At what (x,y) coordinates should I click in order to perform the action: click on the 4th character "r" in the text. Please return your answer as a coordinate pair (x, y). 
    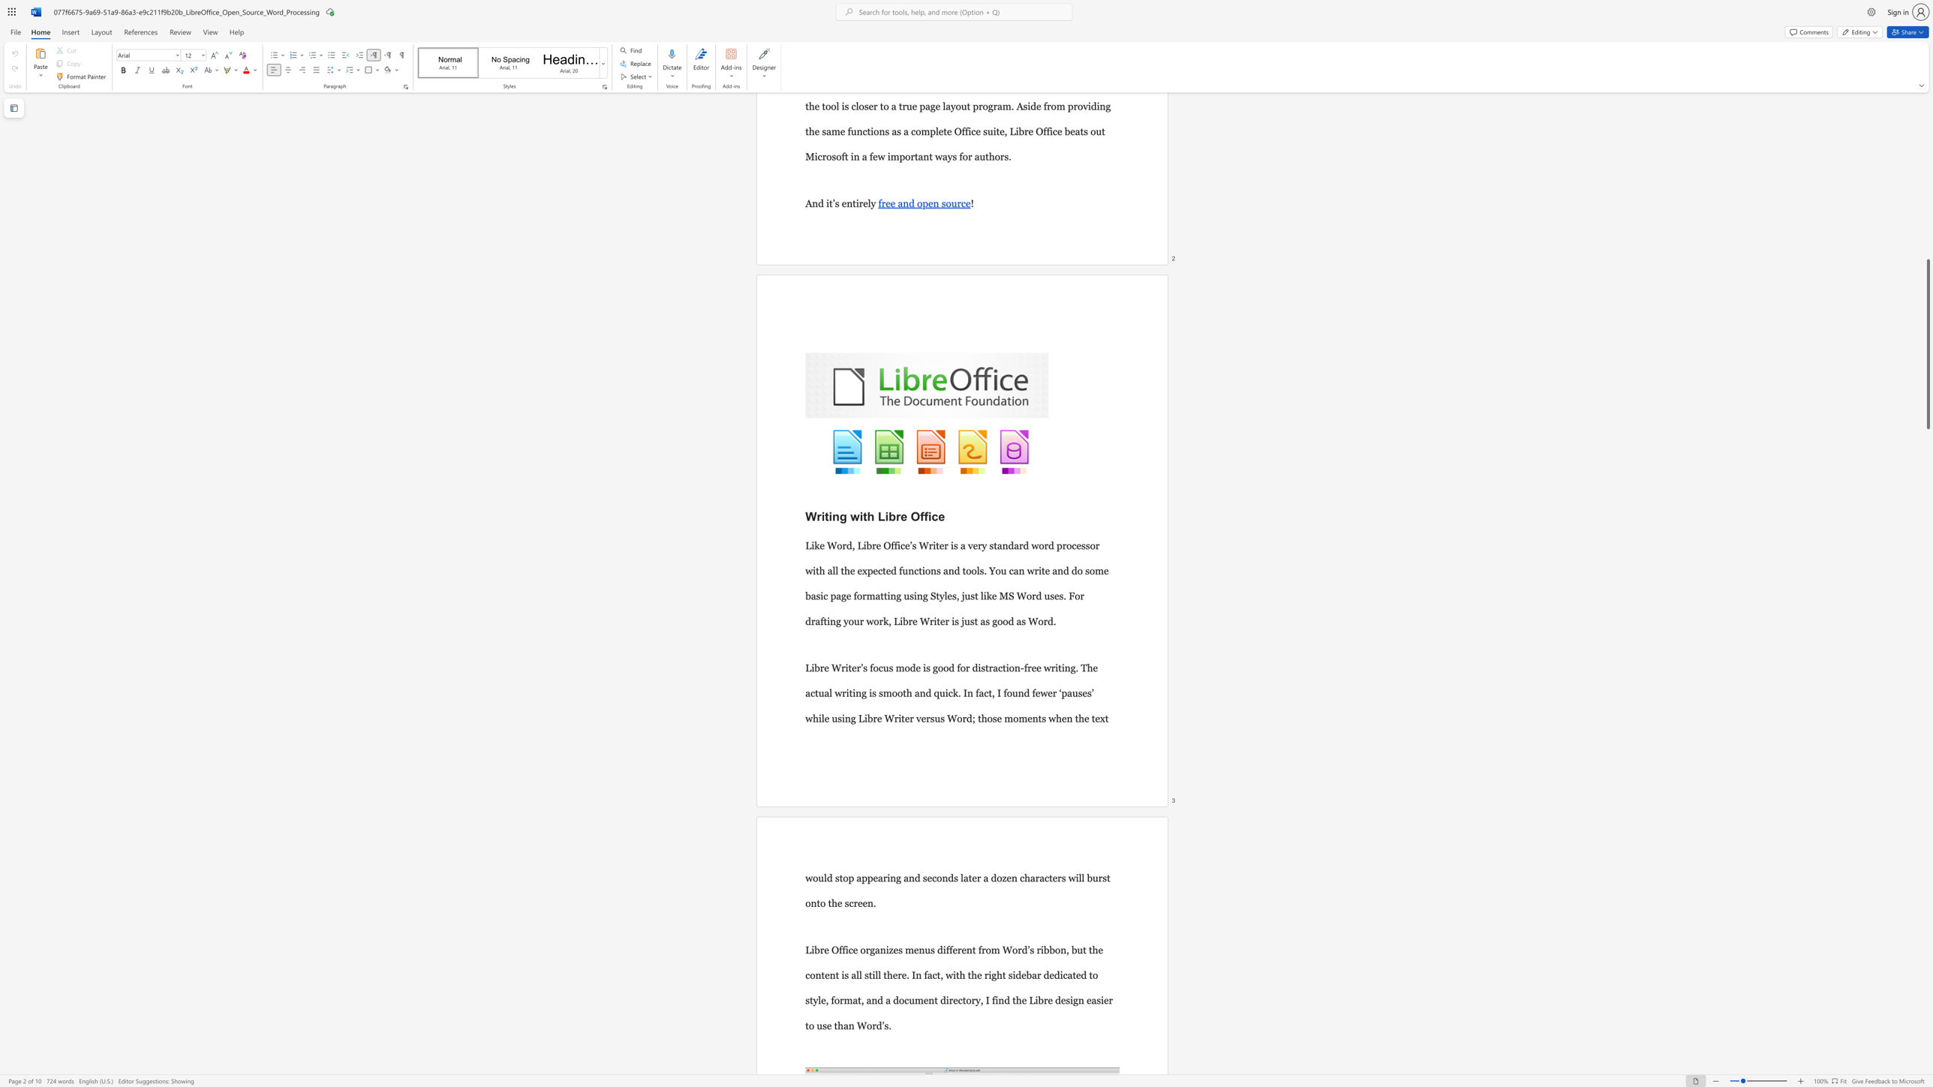
    Looking at the image, I should click on (1060, 878).